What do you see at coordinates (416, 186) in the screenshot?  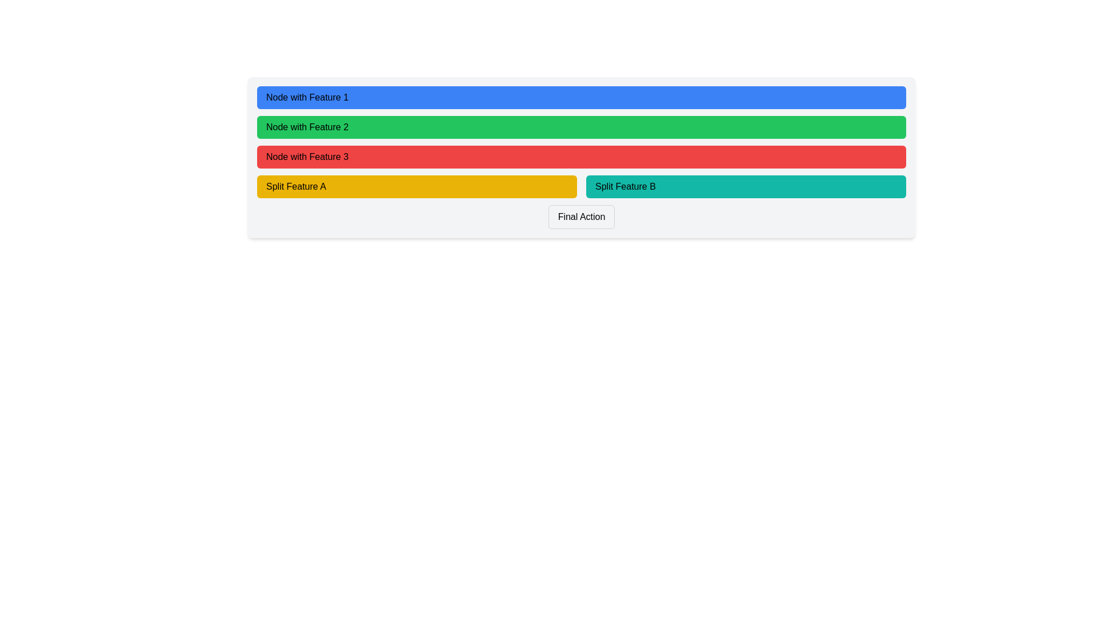 I see `the yellow rectangular button labeled 'Split Feature A' located at the bottom-left part of the central region` at bounding box center [416, 186].